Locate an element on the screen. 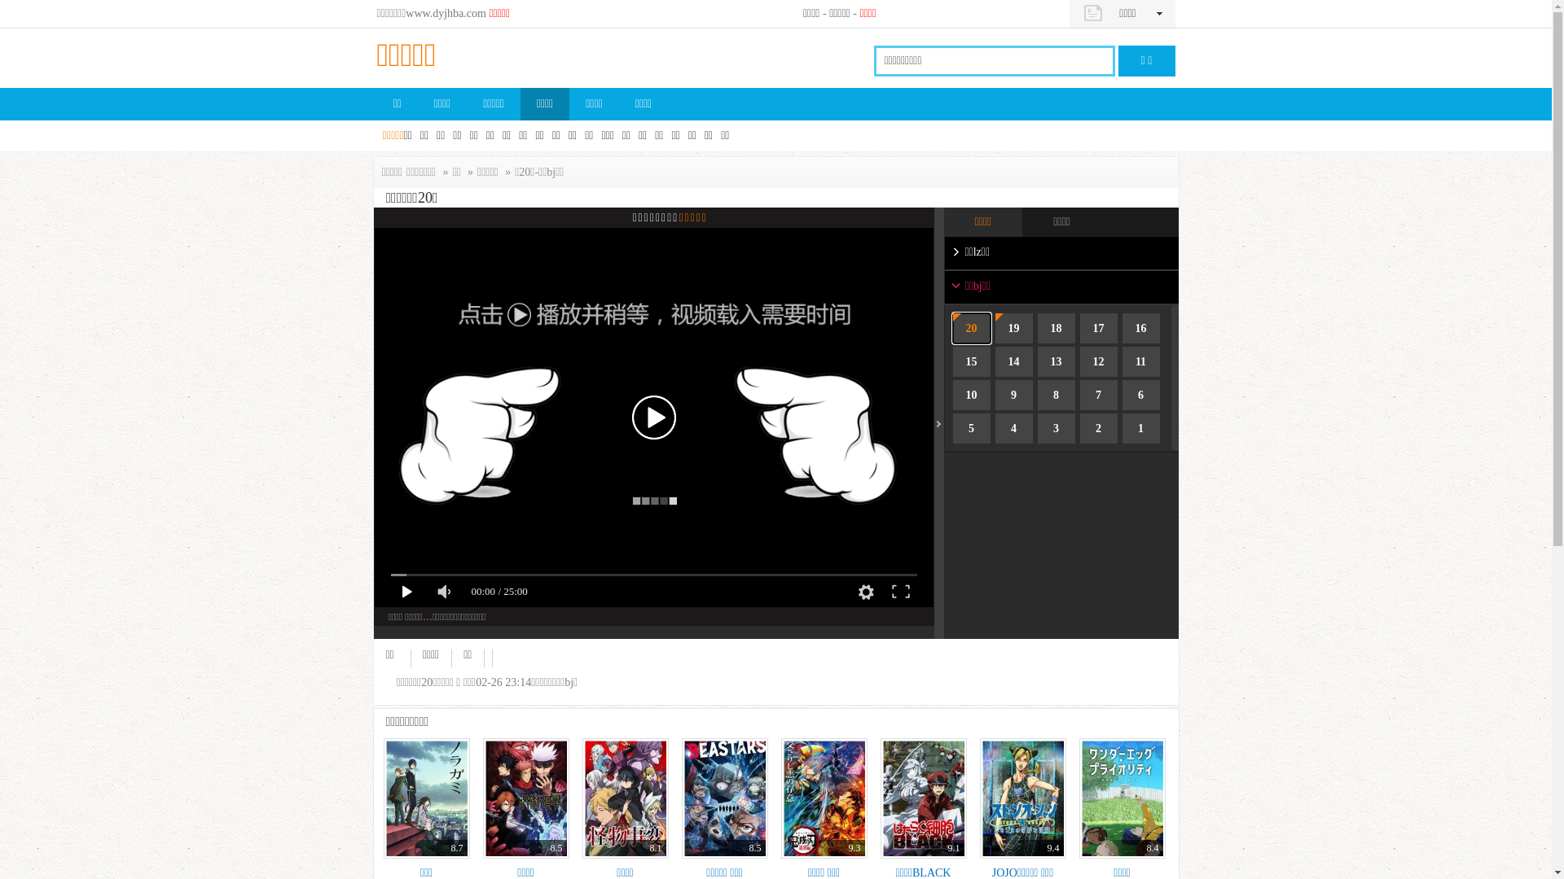 The width and height of the screenshot is (1564, 879). '5' is located at coordinates (972, 427).